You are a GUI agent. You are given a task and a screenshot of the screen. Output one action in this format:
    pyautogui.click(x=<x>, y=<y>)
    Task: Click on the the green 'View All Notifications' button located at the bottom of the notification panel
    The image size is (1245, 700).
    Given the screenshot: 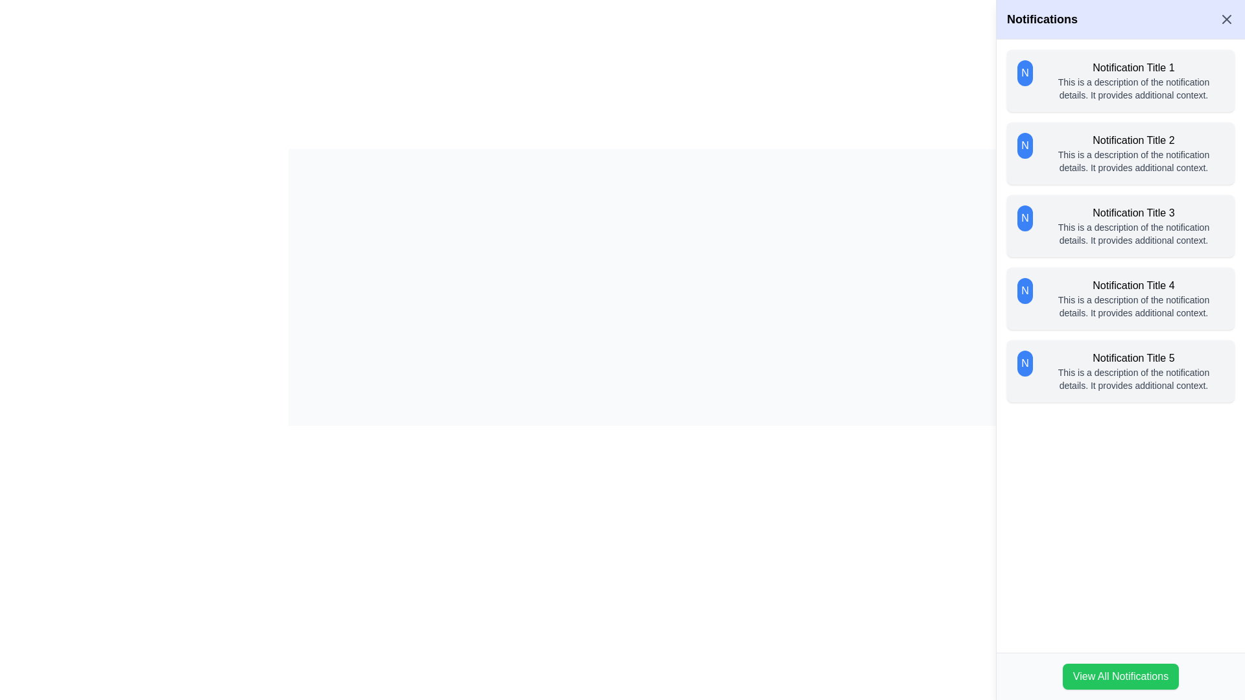 What is the action you would take?
    pyautogui.click(x=1120, y=676)
    